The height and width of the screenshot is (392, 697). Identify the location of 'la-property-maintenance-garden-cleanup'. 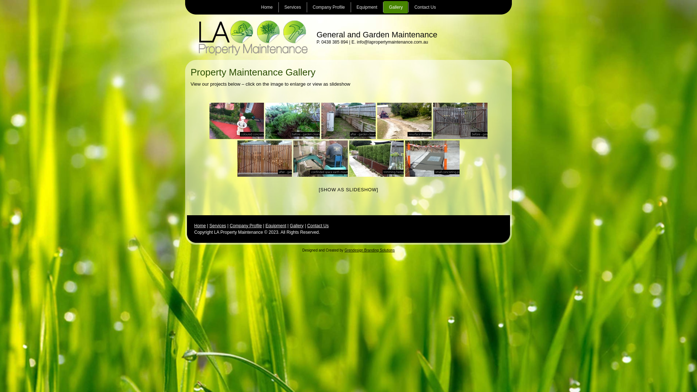
(348, 120).